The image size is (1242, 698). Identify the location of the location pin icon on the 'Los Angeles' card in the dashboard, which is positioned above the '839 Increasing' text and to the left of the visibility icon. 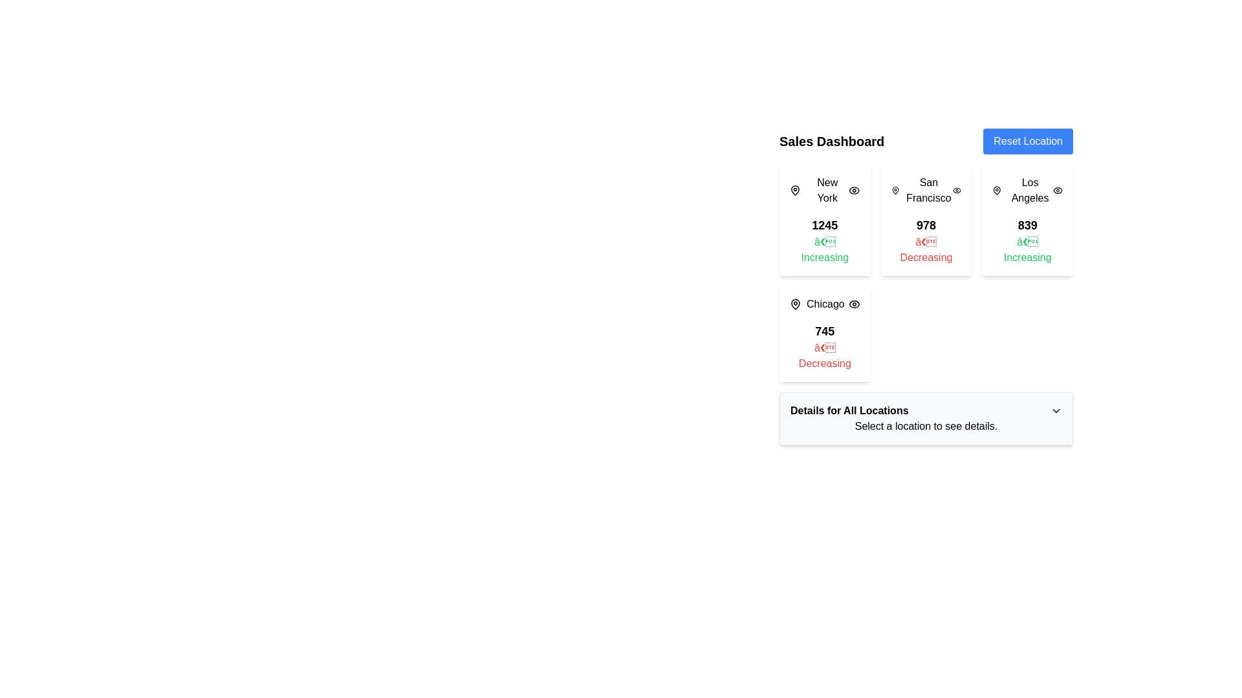
(996, 190).